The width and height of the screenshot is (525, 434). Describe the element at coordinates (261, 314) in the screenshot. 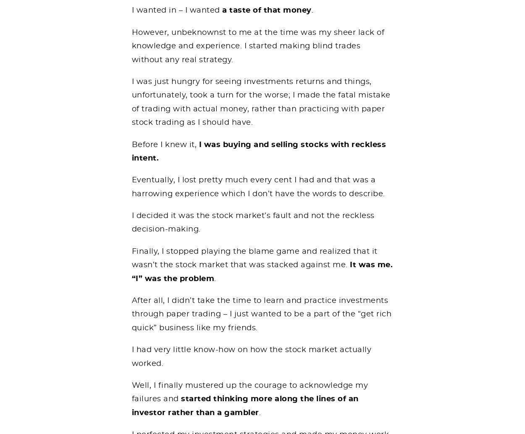

I see `'After all, I didn’t take the time to learn and practice investments through paper trading – I just wanted to be a part of the “get rich quick” business like my friends.'` at that location.